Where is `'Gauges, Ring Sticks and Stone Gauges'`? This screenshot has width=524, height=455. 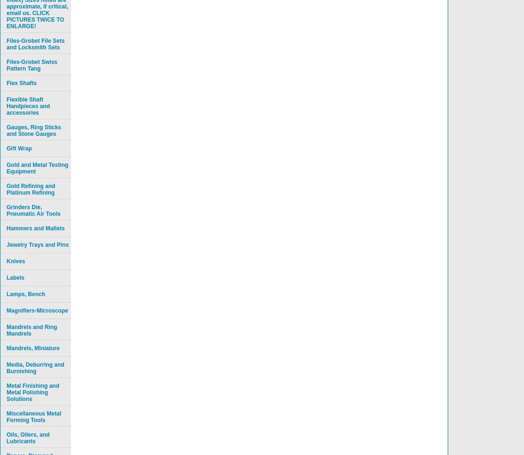 'Gauges, Ring Sticks and Stone Gauges' is located at coordinates (34, 131).